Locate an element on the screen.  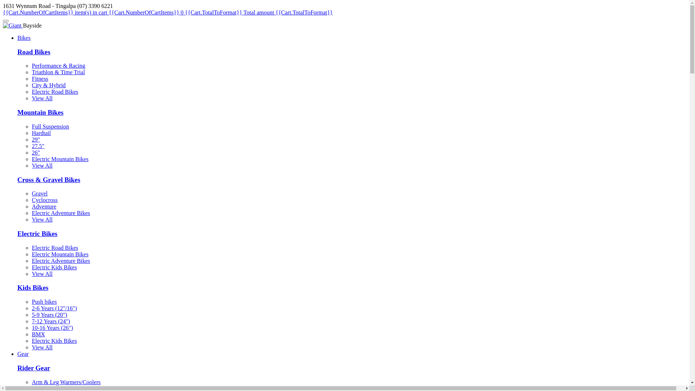
'27.5"' is located at coordinates (38, 146).